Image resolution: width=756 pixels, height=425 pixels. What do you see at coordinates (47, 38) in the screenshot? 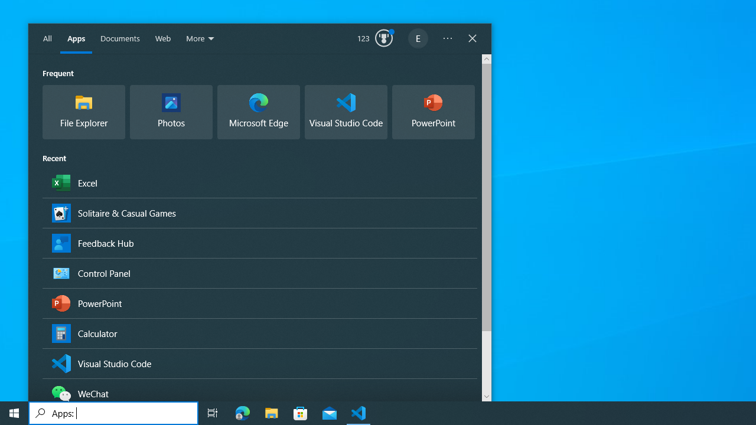
I see `'All'` at bounding box center [47, 38].